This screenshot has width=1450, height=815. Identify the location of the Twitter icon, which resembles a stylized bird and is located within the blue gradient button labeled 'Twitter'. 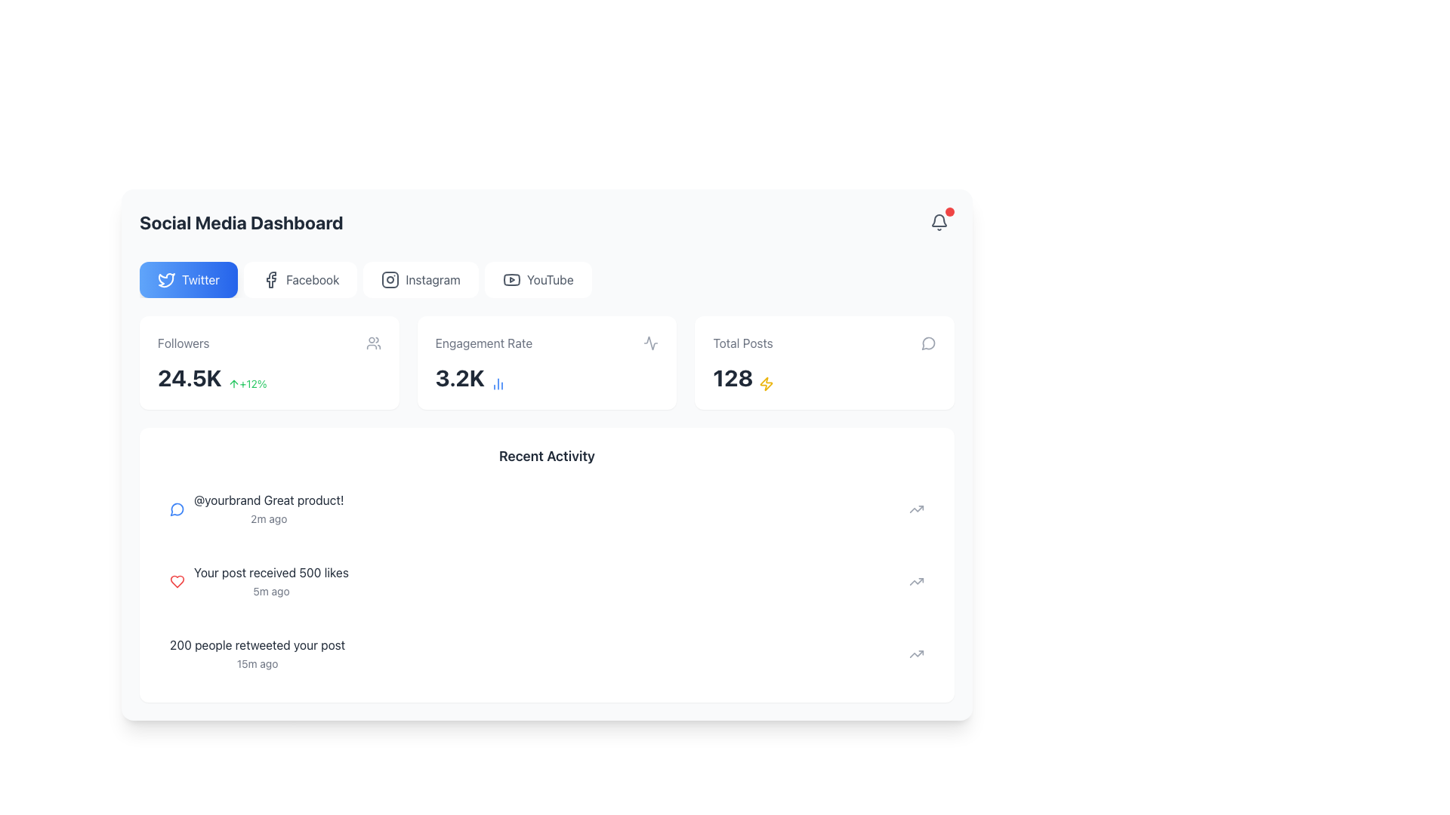
(166, 279).